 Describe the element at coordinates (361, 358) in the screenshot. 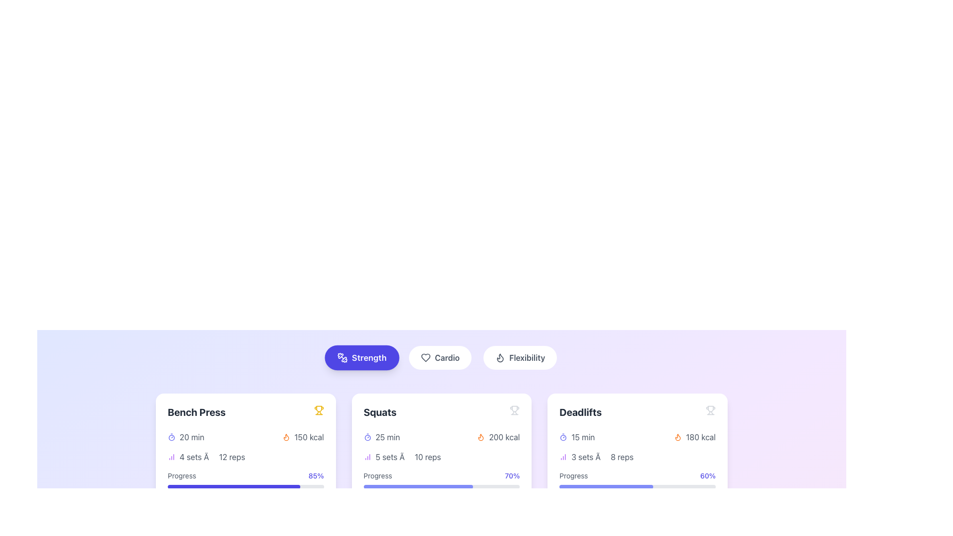

I see `the first button in the horizontal group` at that location.